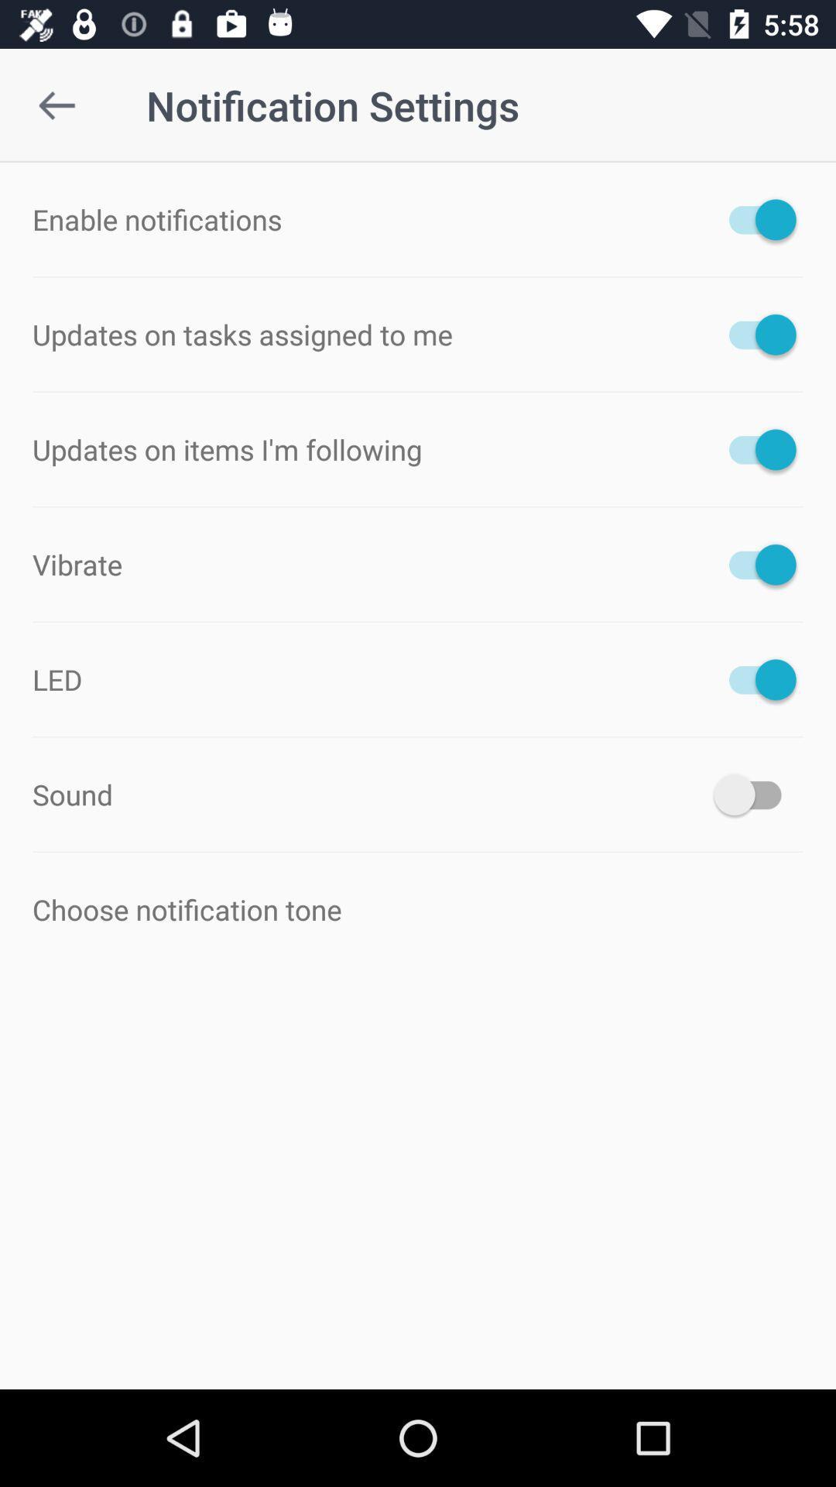  Describe the element at coordinates (56, 105) in the screenshot. I see `item at the top left corner` at that location.